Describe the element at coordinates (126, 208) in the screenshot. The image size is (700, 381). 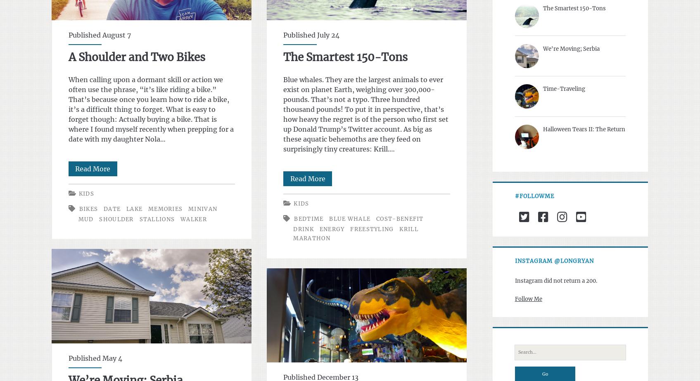
I see `'lake'` at that location.